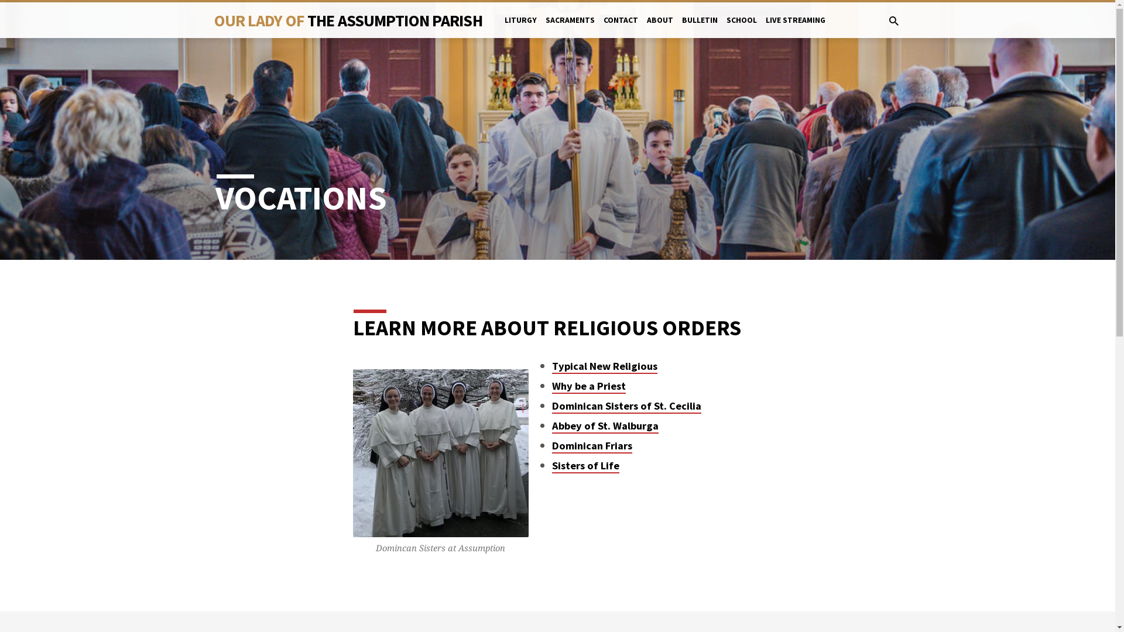 The height and width of the screenshot is (632, 1124). Describe the element at coordinates (766, 27) in the screenshot. I see `'LIVE STREAMING'` at that location.